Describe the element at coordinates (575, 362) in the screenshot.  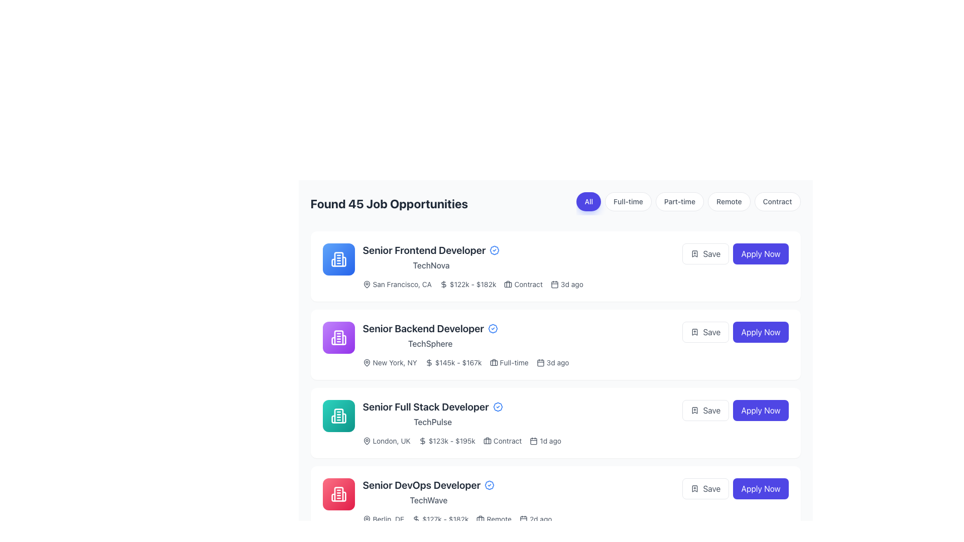
I see `the informational metadata row located beneath the title 'Senior Backend Developer' and above the 'Save' and 'Apply Now' buttons in the second job listing by TechSphere` at that location.